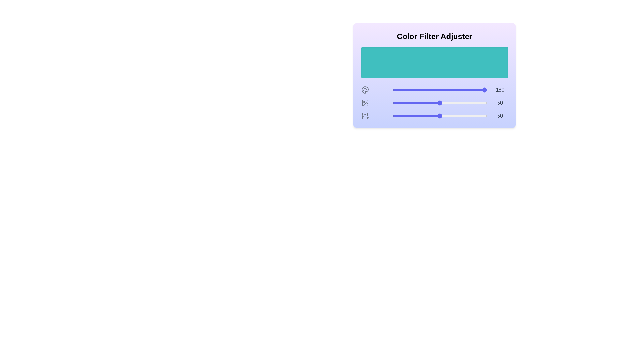  I want to click on the 0 slider to 50 to observe the color preview area, so click(440, 90).